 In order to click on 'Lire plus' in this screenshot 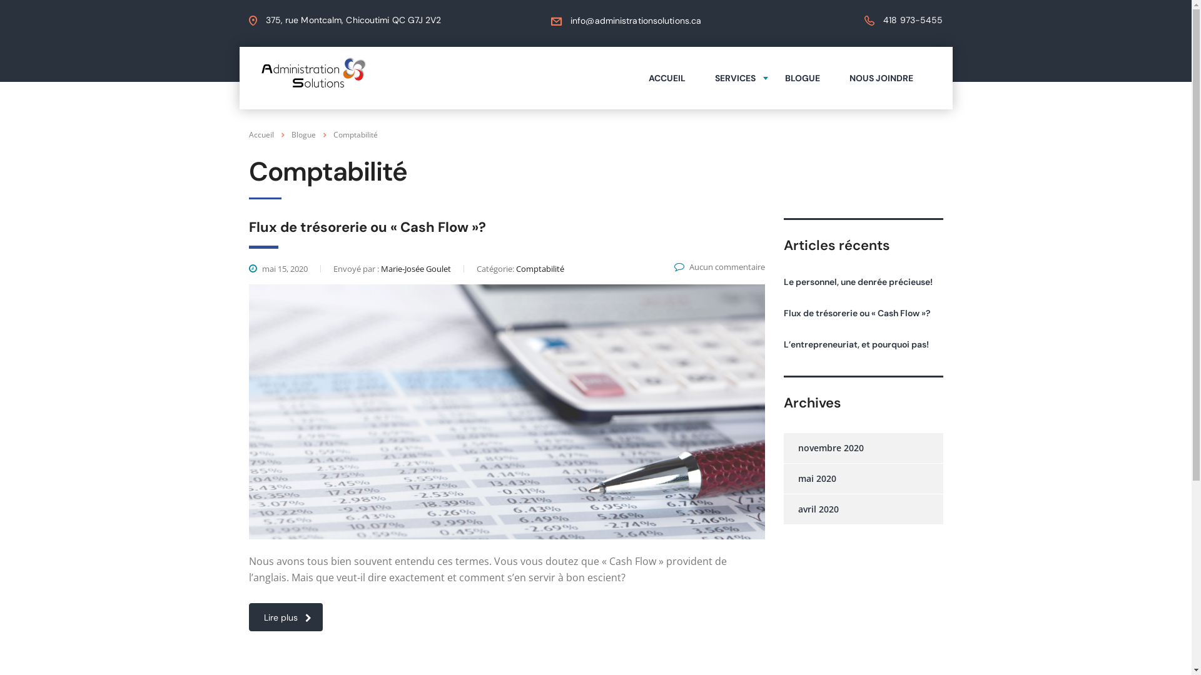, I will do `click(285, 616)`.